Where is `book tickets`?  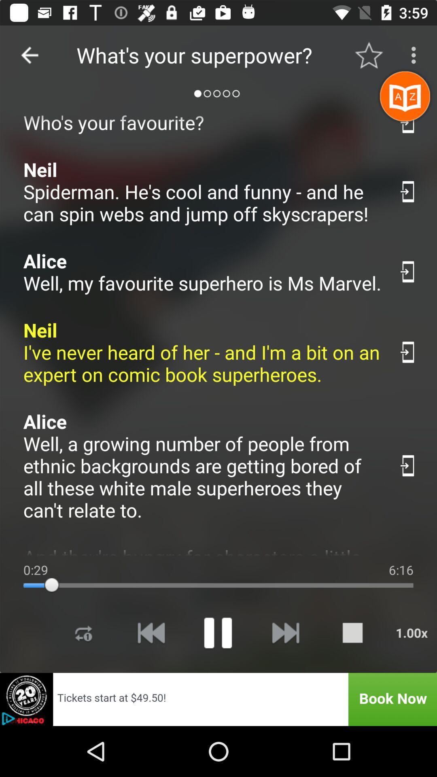 book tickets is located at coordinates (218, 699).